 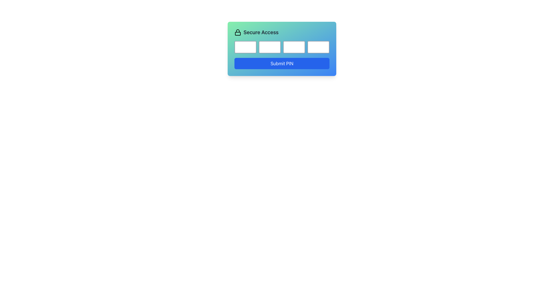 I want to click on the first password input field in the Secure Access card interface, so click(x=245, y=47).